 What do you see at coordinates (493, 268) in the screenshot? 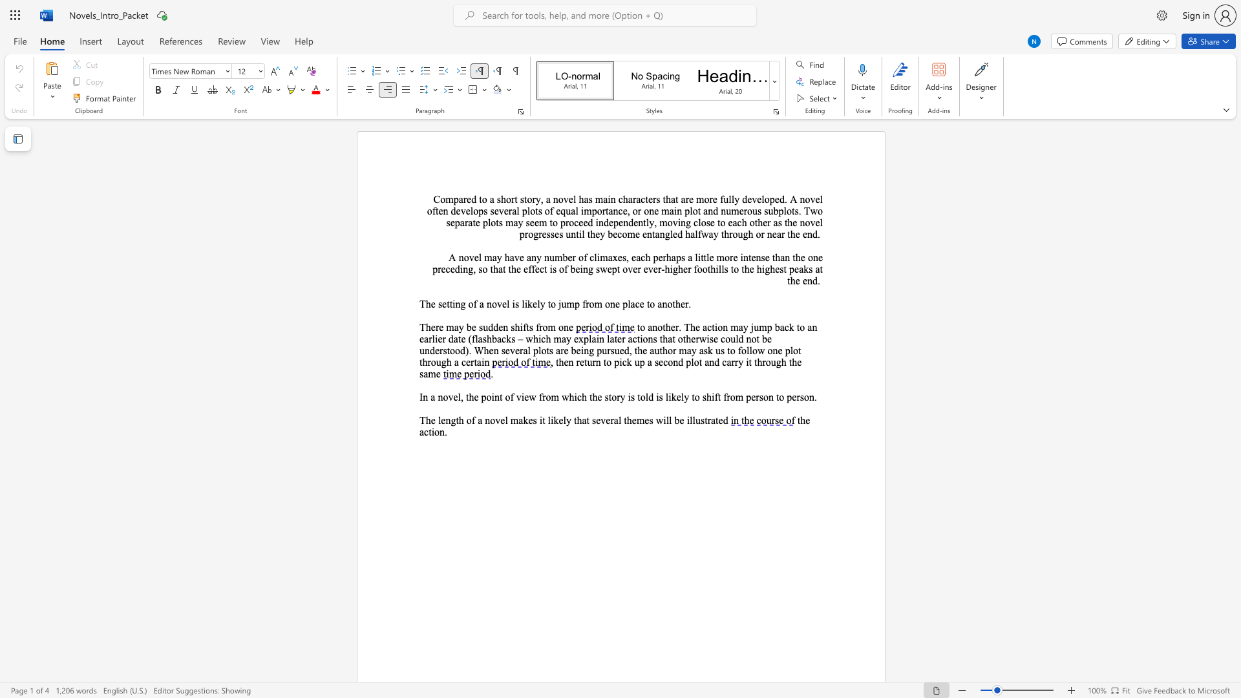
I see `the subset text "hat the effect is of being swept over ever-higher foothills to the highe" within the text "little more intense than the one preceding, so that the effect is of being swept over ever-higher foothills to the highest peaks at the end."` at bounding box center [493, 268].